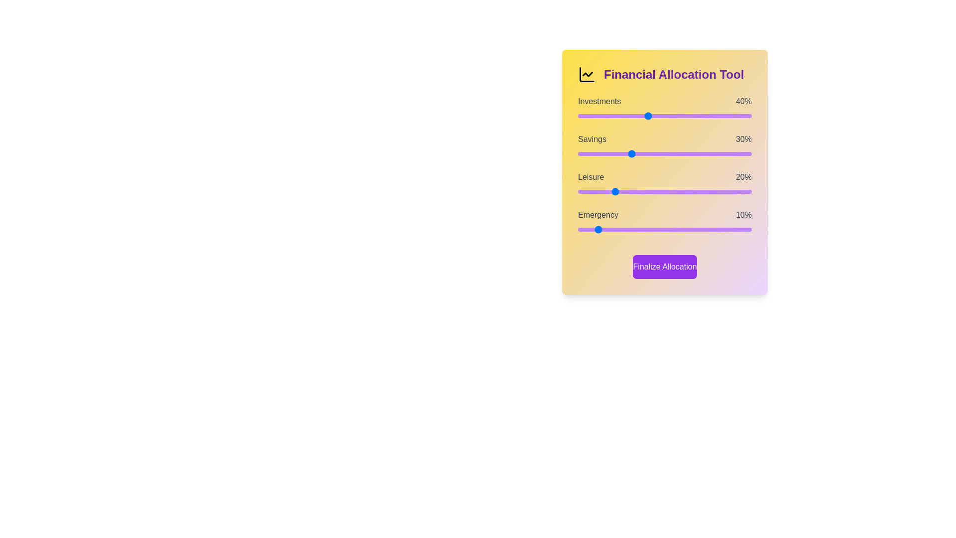  What do you see at coordinates (587, 74) in the screenshot?
I see `the header icon to view it` at bounding box center [587, 74].